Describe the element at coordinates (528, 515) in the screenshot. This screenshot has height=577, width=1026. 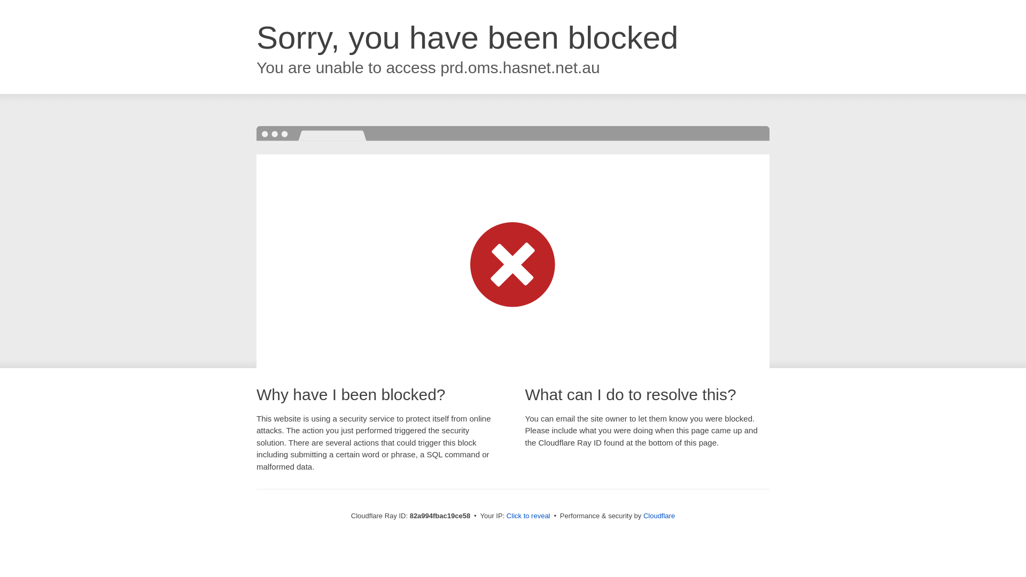
I see `'Click to reveal'` at that location.